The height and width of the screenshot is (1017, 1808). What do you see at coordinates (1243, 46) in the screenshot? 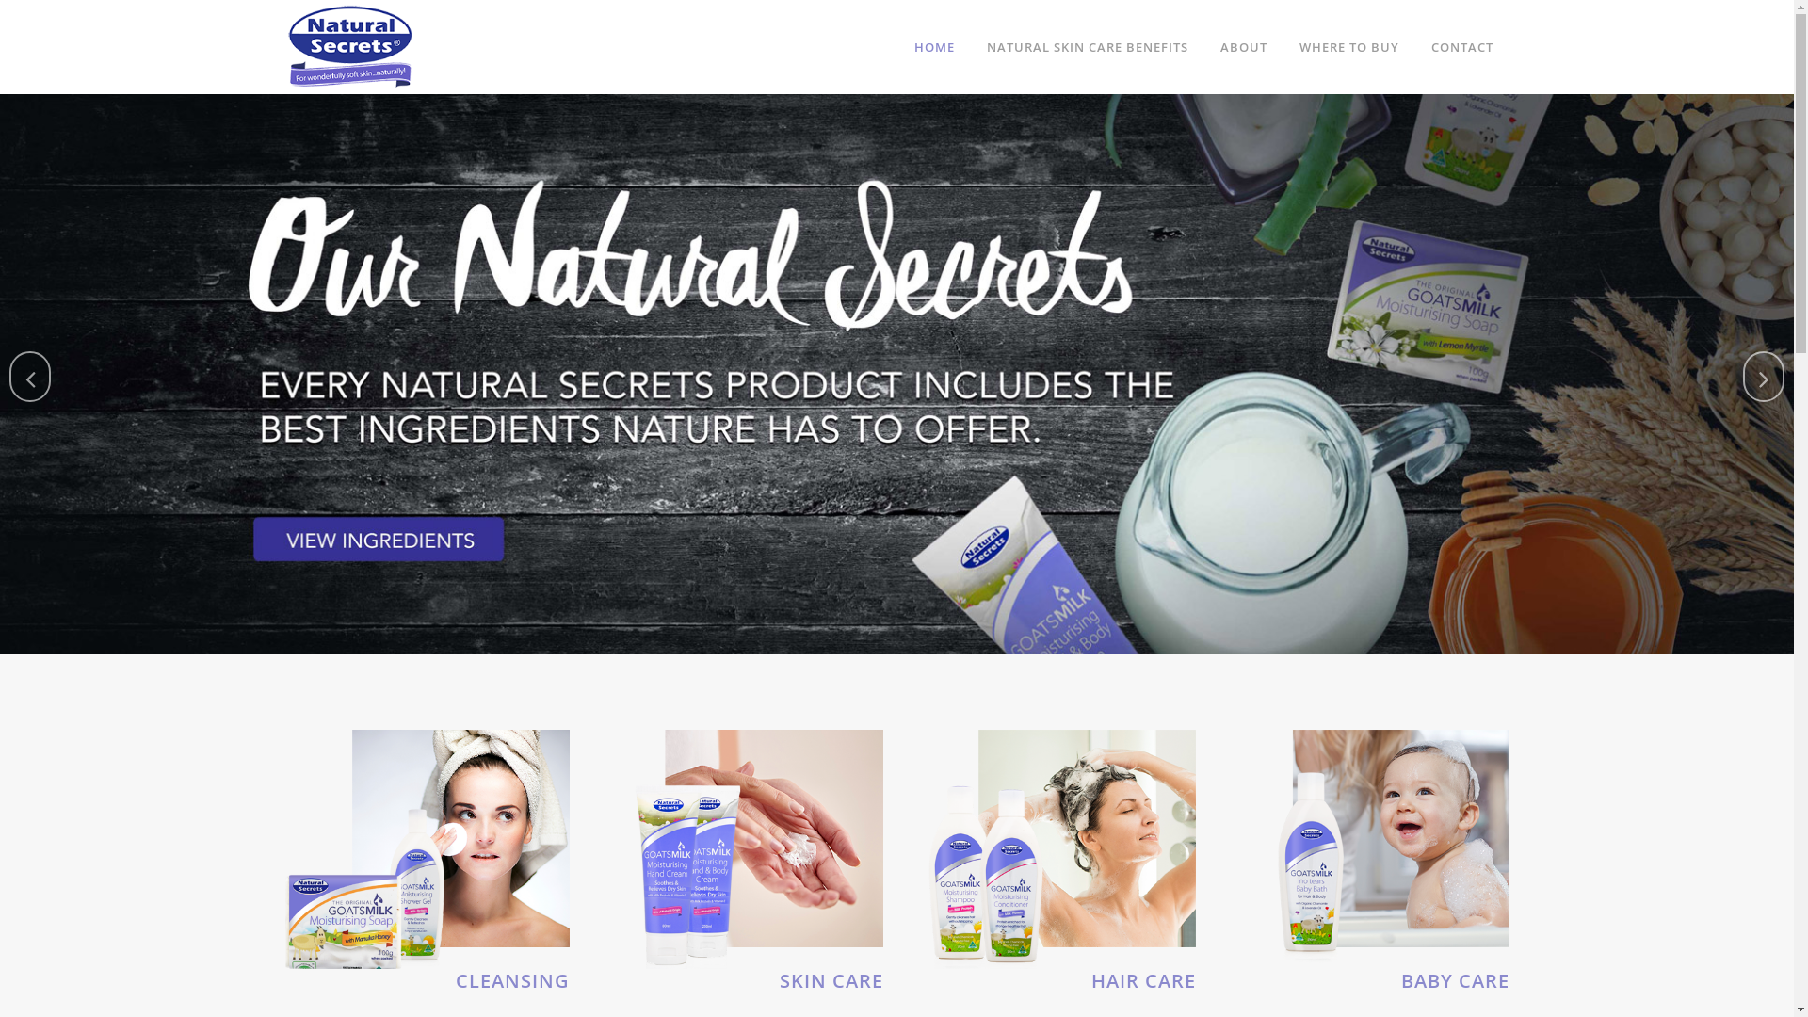
I see `'ABOUT'` at bounding box center [1243, 46].